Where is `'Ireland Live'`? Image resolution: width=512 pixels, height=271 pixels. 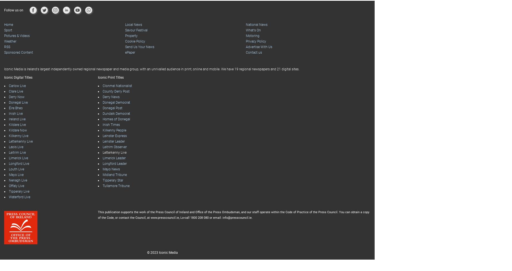 'Ireland Live' is located at coordinates (17, 108).